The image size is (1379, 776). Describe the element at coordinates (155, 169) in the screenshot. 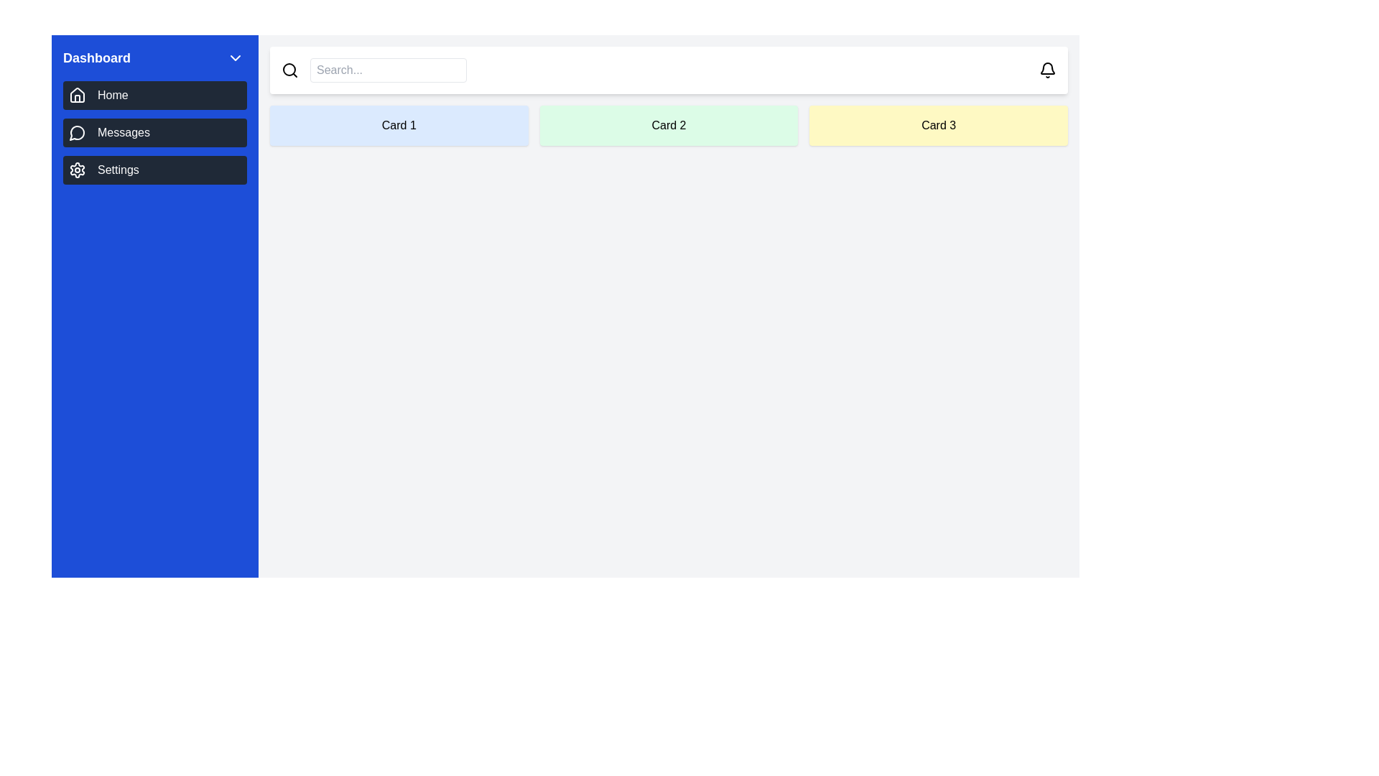

I see `'Settings' button located in the sidebar of the application, which is the third button in a vertical list, by using developer tools` at that location.